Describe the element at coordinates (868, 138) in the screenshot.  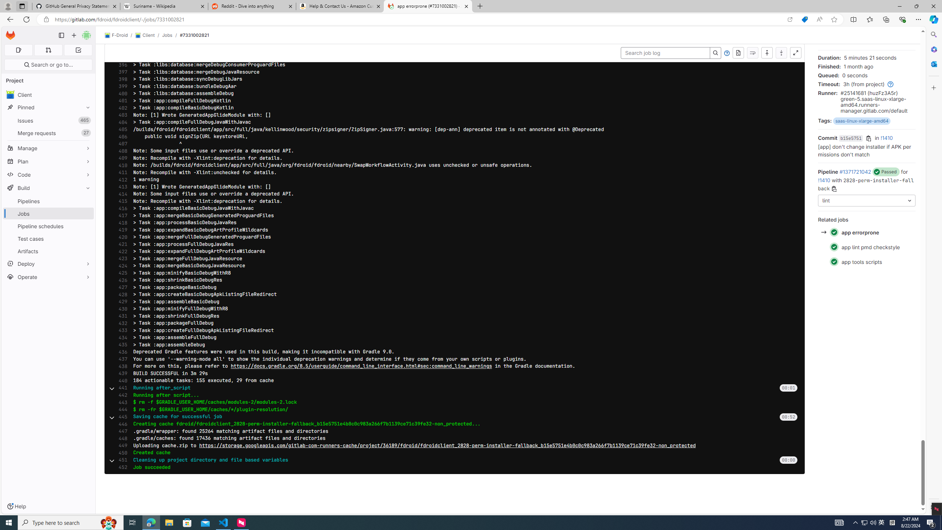
I see `'Copy commit SHA'` at that location.